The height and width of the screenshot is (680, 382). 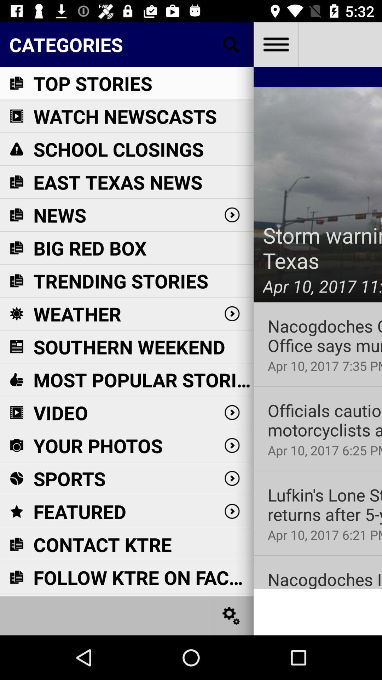 I want to click on the menu icon, so click(x=275, y=44).